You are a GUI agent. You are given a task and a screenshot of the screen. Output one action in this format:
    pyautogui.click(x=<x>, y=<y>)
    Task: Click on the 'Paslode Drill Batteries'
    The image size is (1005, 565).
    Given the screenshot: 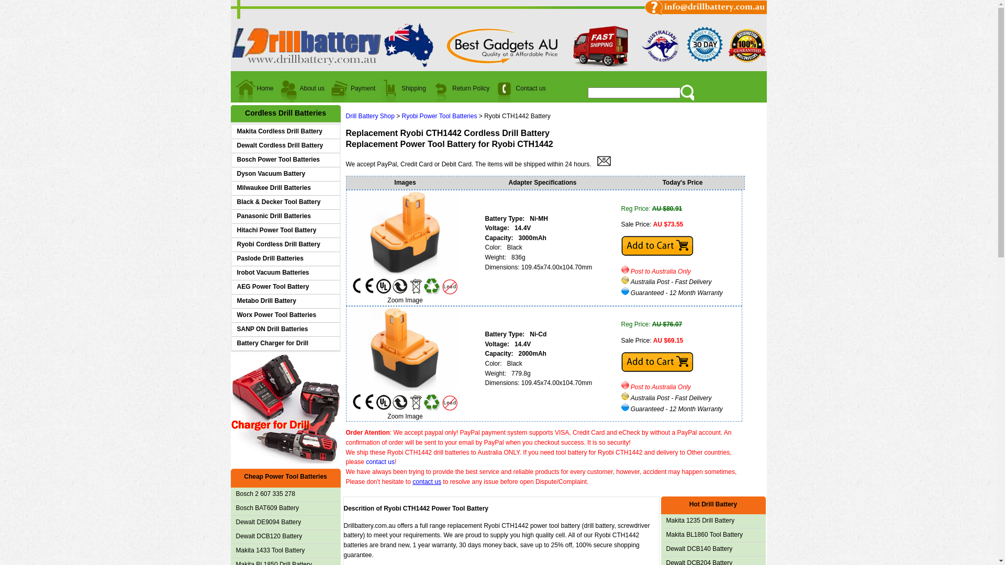 What is the action you would take?
    pyautogui.click(x=285, y=258)
    